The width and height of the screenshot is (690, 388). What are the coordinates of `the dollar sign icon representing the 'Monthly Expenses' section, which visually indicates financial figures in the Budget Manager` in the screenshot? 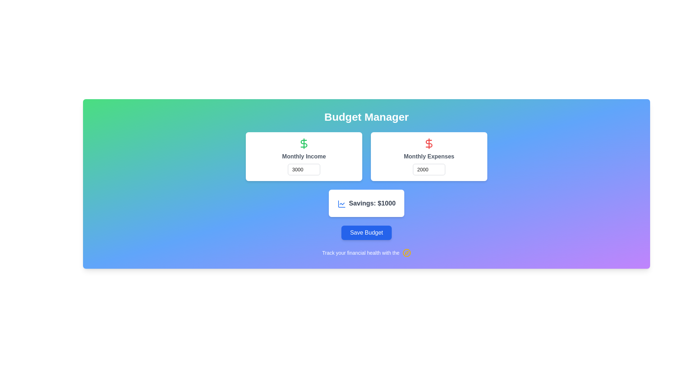 It's located at (429, 144).